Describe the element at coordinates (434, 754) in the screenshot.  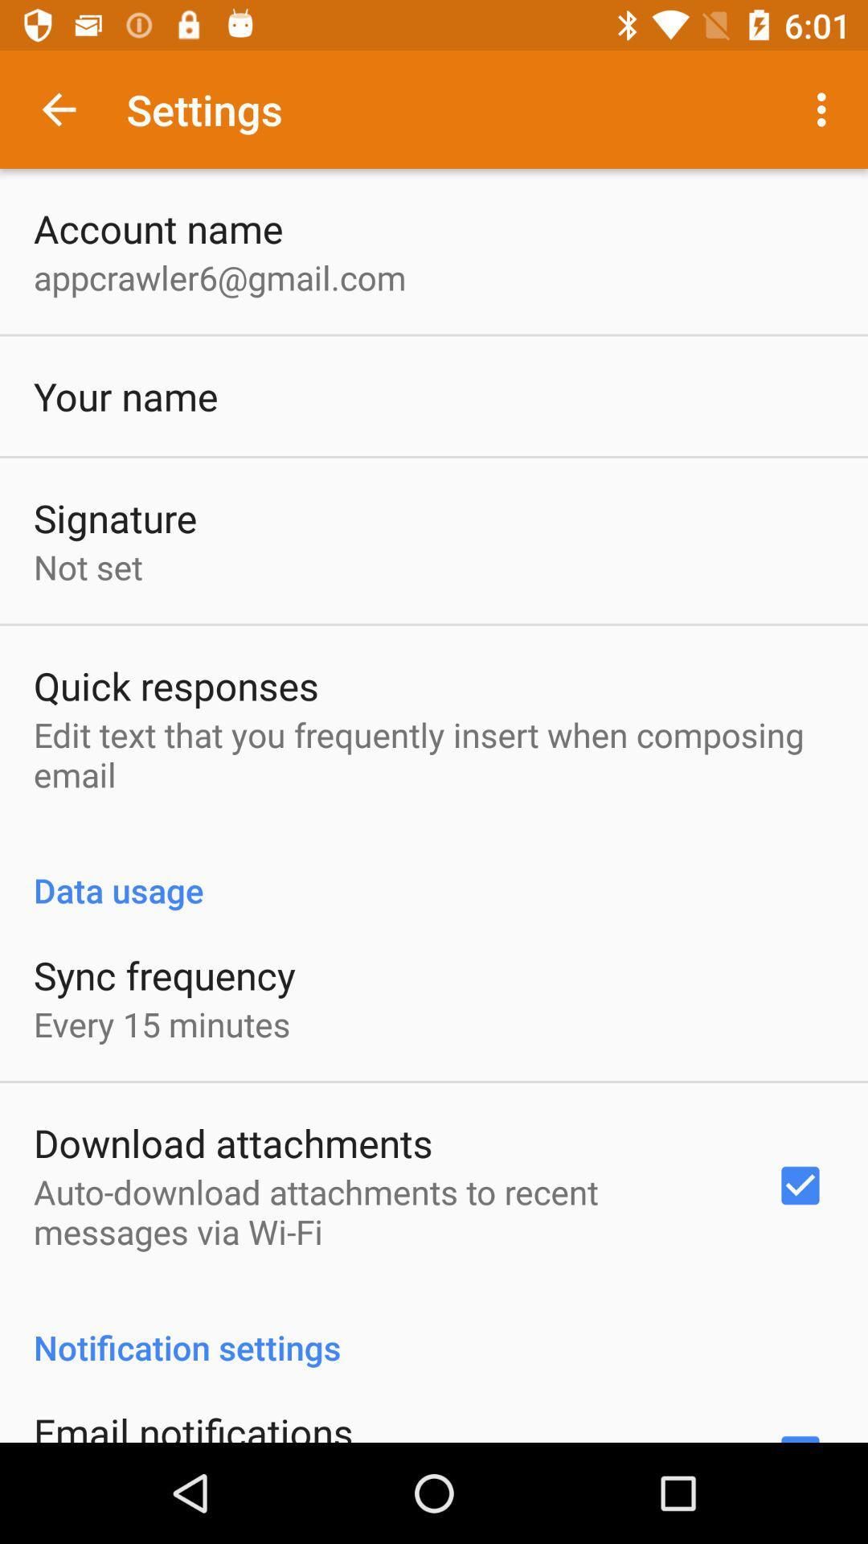
I see `edit text that app` at that location.